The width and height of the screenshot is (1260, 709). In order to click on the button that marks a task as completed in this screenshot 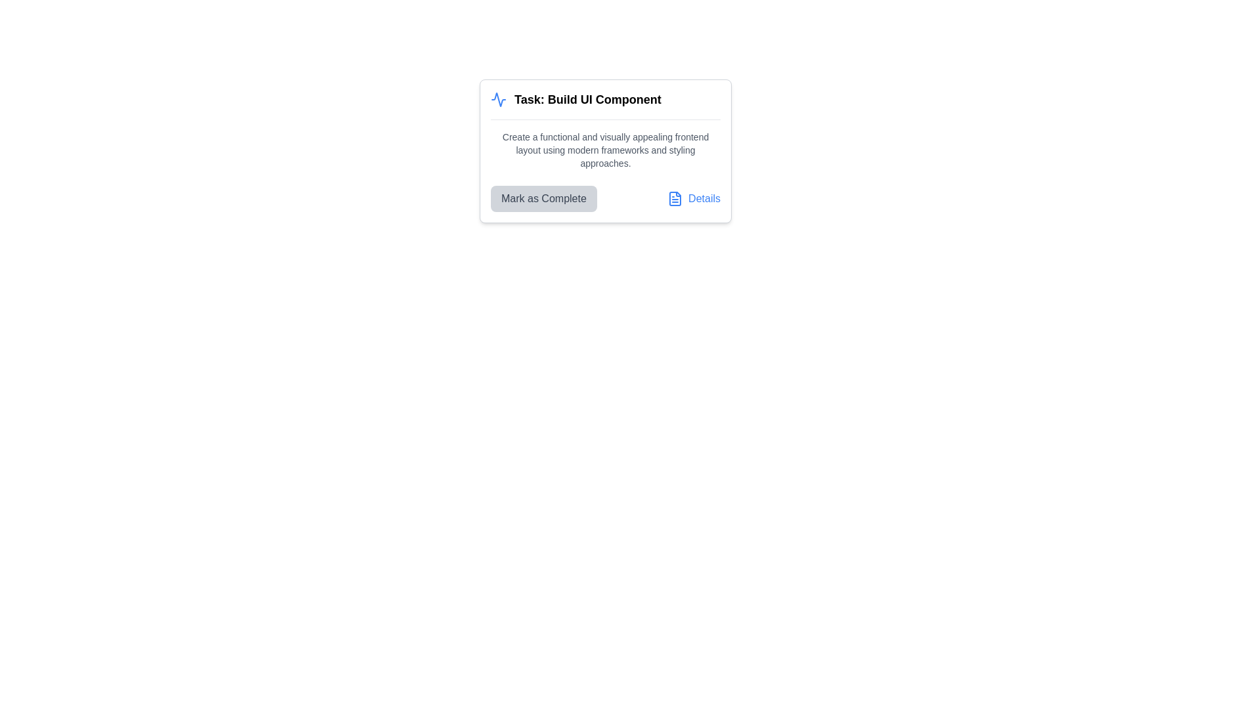, I will do `click(543, 199)`.